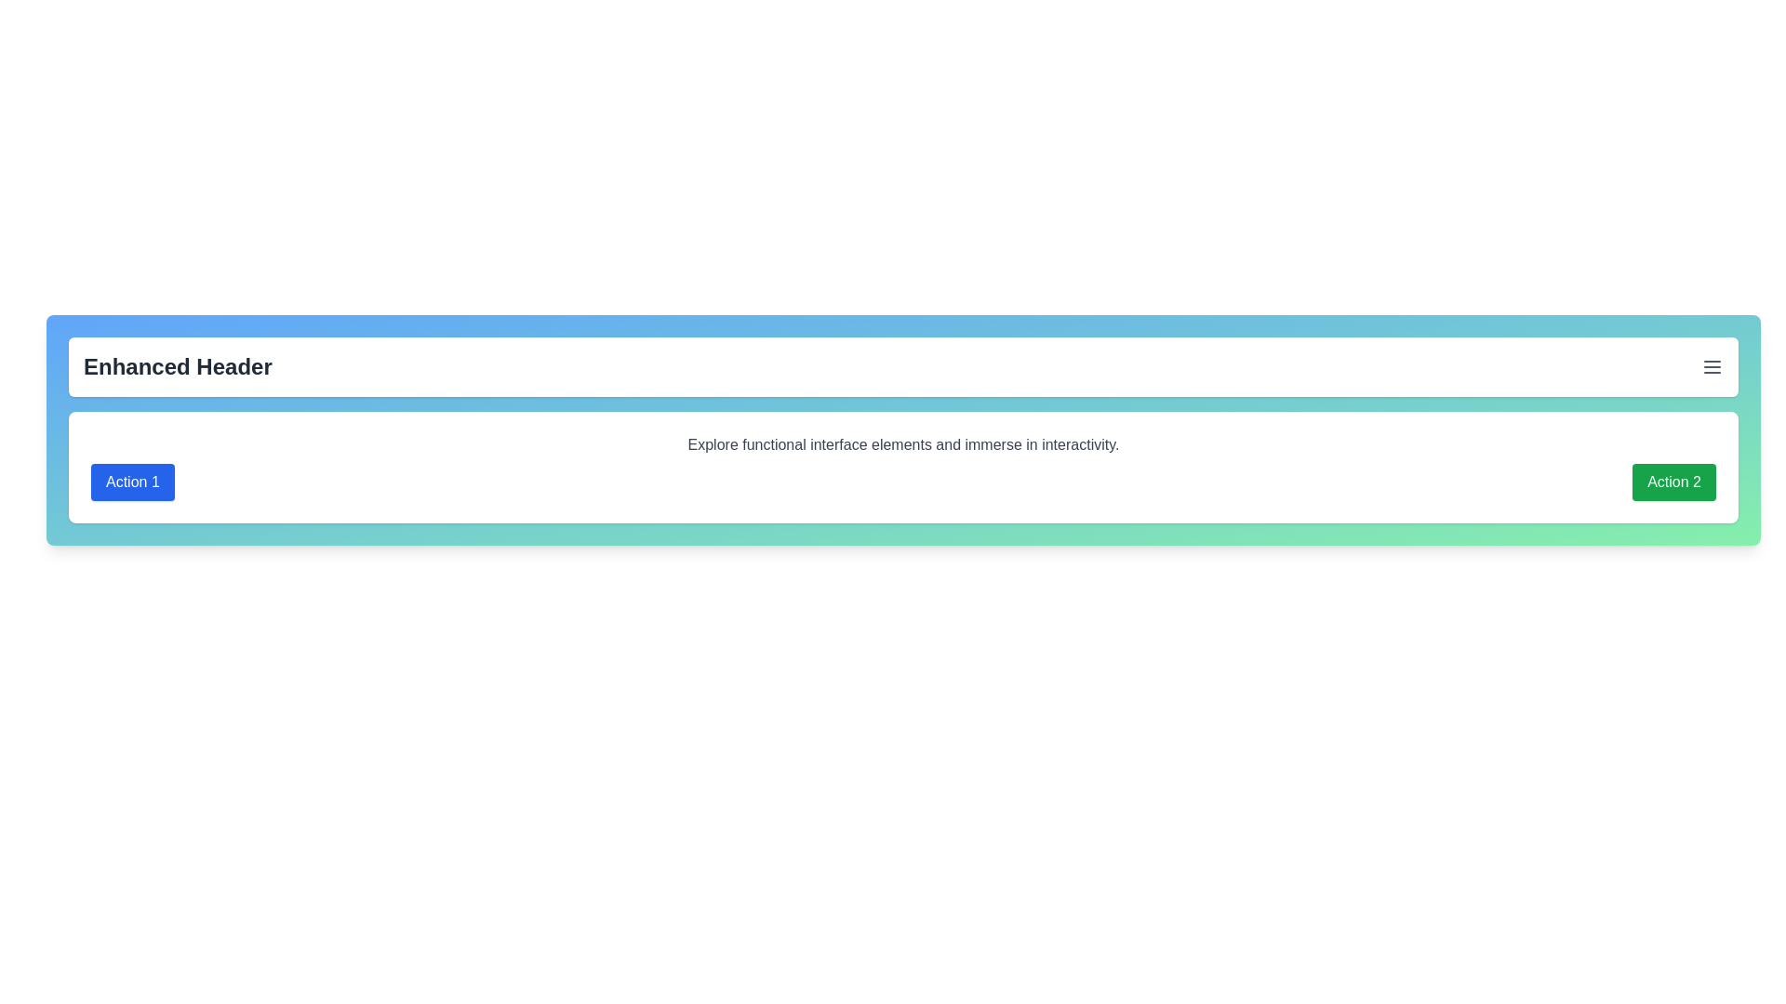  Describe the element at coordinates (1674, 482) in the screenshot. I see `the rectangular button with a green background and the label 'Action 2'` at that location.